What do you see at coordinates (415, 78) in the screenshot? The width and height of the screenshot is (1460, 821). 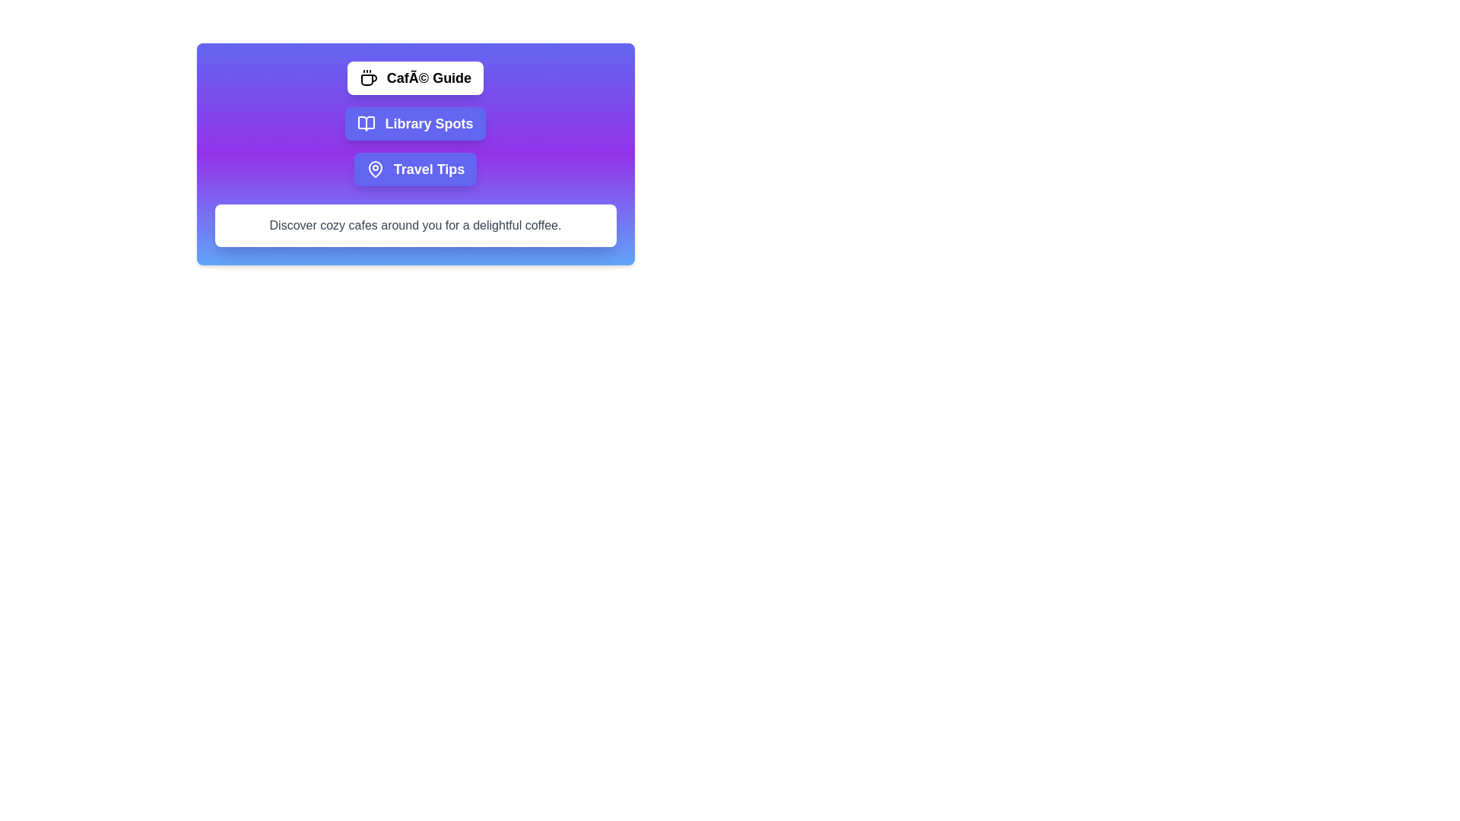 I see `the tab labeled 'Café Guide' to view its content` at bounding box center [415, 78].